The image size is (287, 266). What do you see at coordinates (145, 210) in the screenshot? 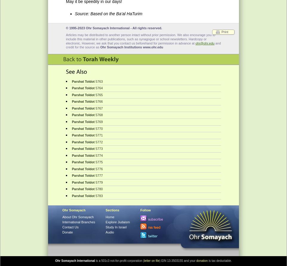
I see `'Follow'` at bounding box center [145, 210].